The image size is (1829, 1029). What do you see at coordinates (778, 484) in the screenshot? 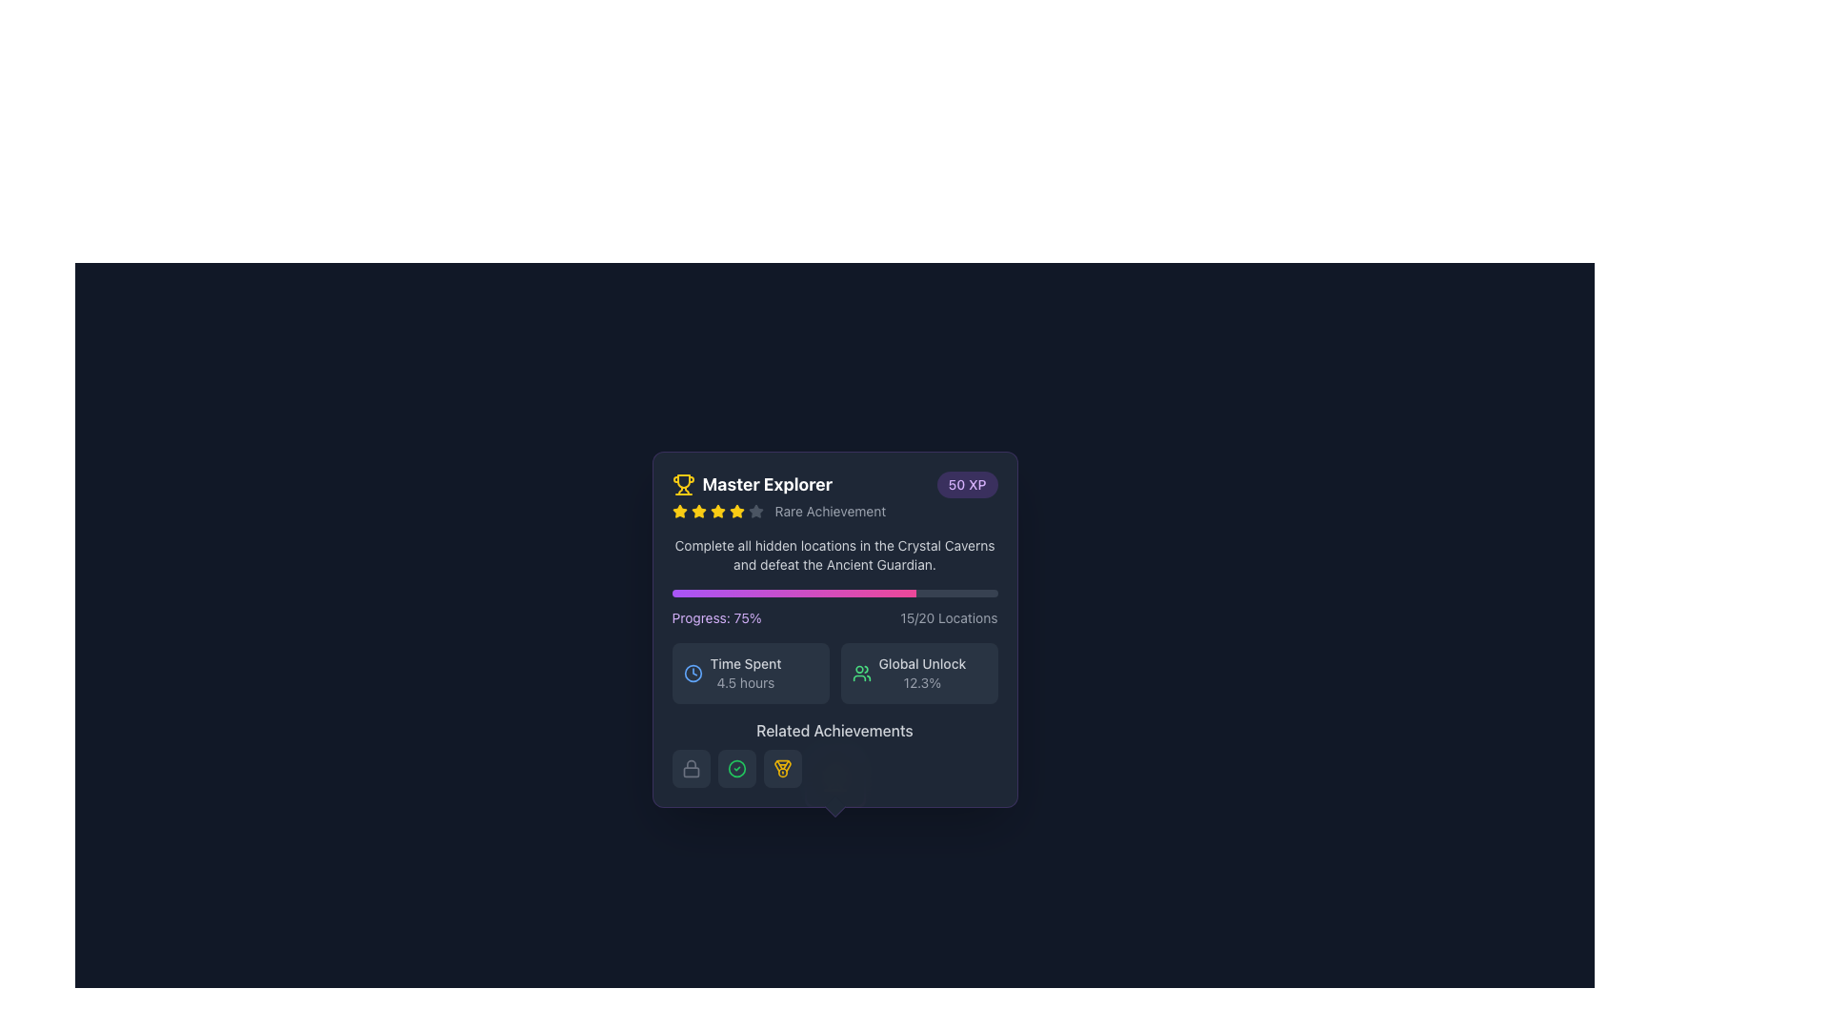
I see `the Title header with associated icon of the achievement card, which is located at the top left corner, adjacent to a purple badge displaying '50 XP'` at bounding box center [778, 484].